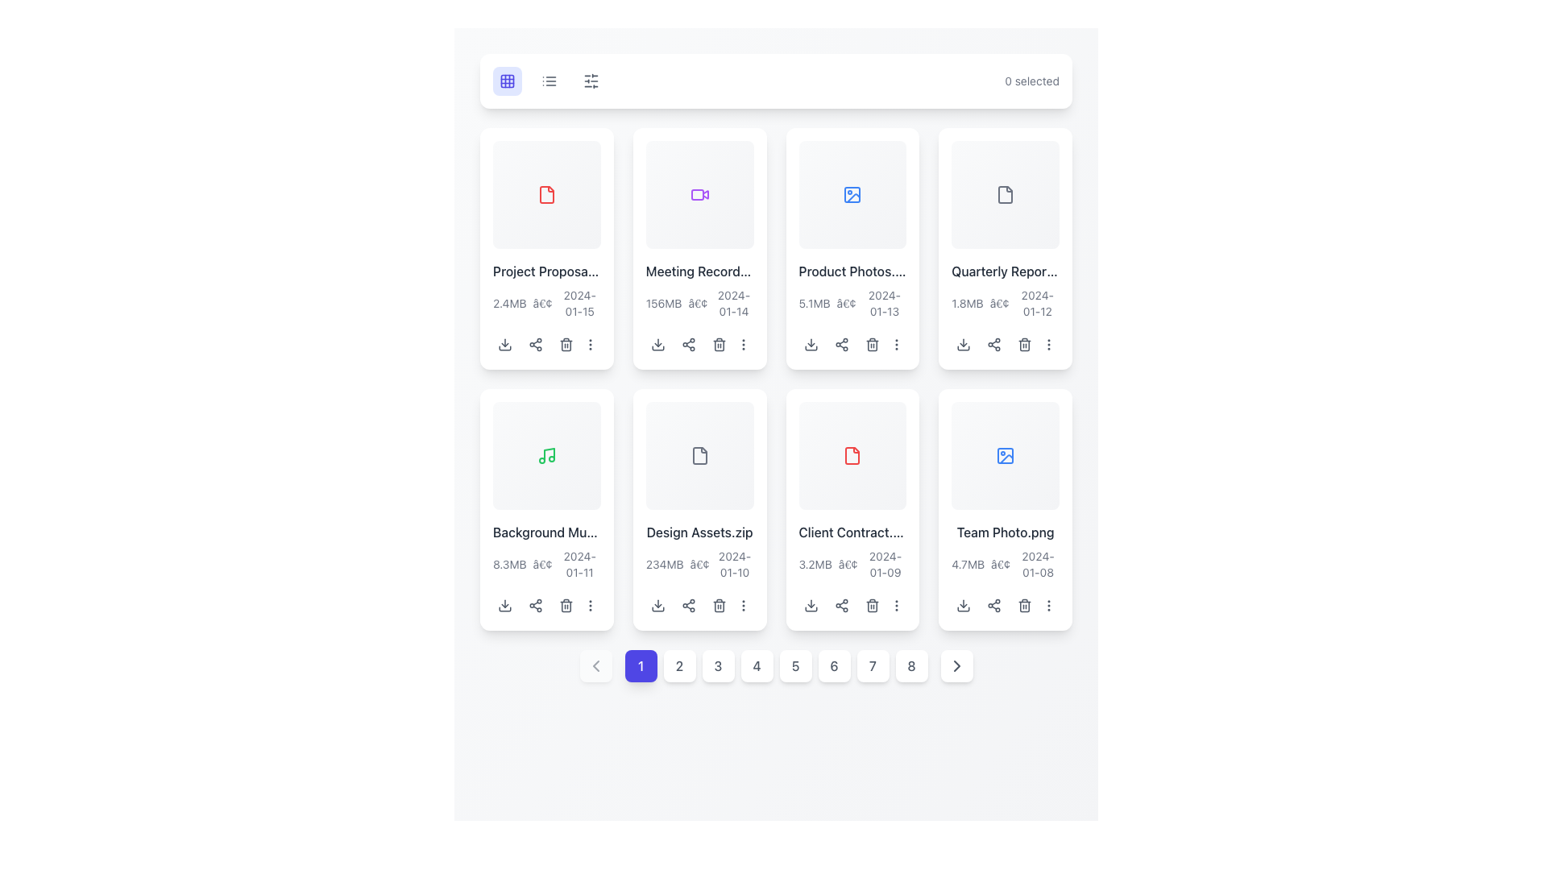  What do you see at coordinates (579, 563) in the screenshot?
I see `the date text displaying '2024-01-11' located below the 'Background Music' card in the grid layout` at bounding box center [579, 563].